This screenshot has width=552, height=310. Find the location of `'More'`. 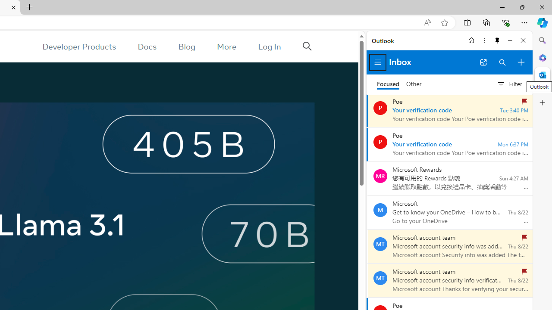

'More' is located at coordinates (226, 46).